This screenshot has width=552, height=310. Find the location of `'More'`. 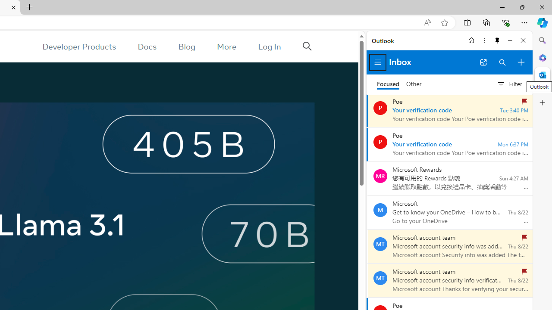

'More' is located at coordinates (226, 46).